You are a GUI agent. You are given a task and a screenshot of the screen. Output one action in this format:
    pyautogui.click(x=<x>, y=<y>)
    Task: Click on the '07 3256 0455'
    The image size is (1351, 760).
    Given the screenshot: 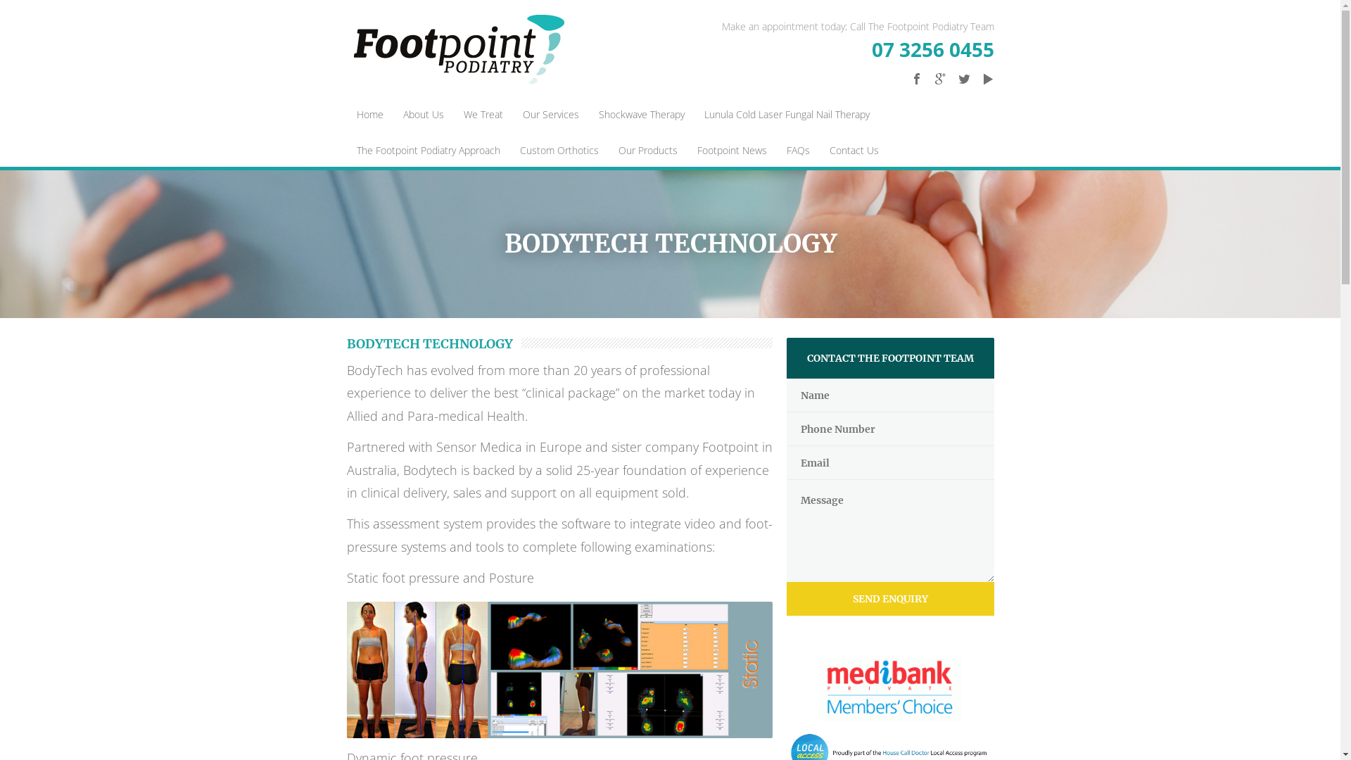 What is the action you would take?
    pyautogui.click(x=857, y=51)
    